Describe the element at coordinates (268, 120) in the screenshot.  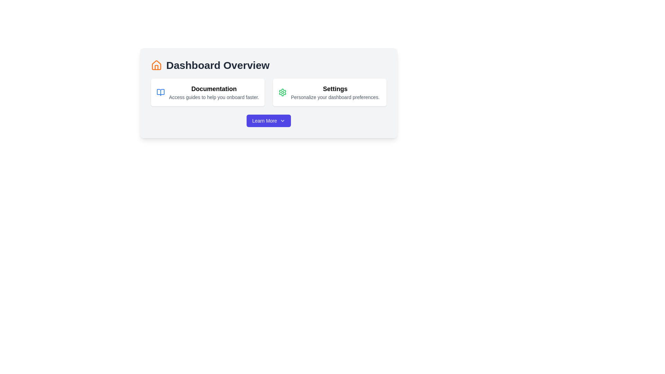
I see `the 'Learn More' button, which has a dark indigo background and white text, located centrally below the 'Dashboard Overview' title` at that location.